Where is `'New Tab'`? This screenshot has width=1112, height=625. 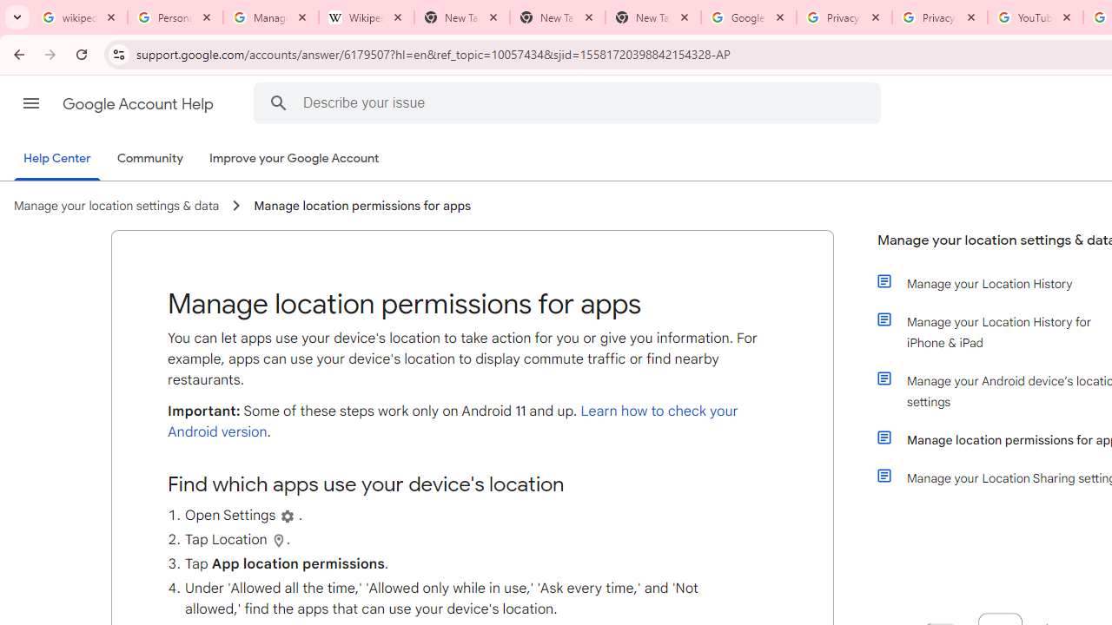
'New Tab' is located at coordinates (558, 17).